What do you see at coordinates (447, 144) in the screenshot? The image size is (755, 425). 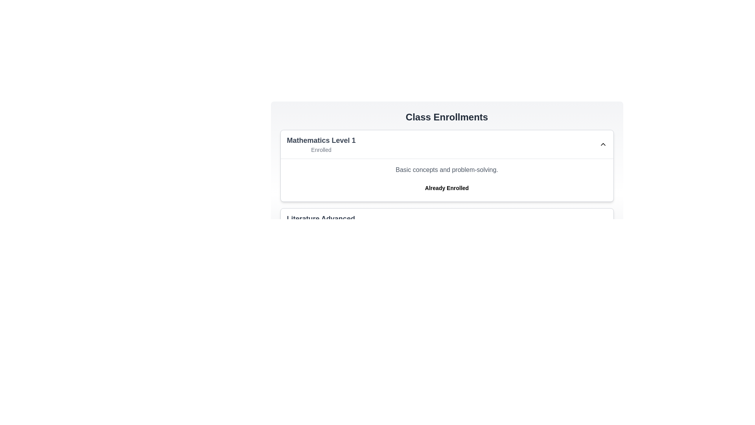 I see `the header button for 'Mathematics Level 1'` at bounding box center [447, 144].